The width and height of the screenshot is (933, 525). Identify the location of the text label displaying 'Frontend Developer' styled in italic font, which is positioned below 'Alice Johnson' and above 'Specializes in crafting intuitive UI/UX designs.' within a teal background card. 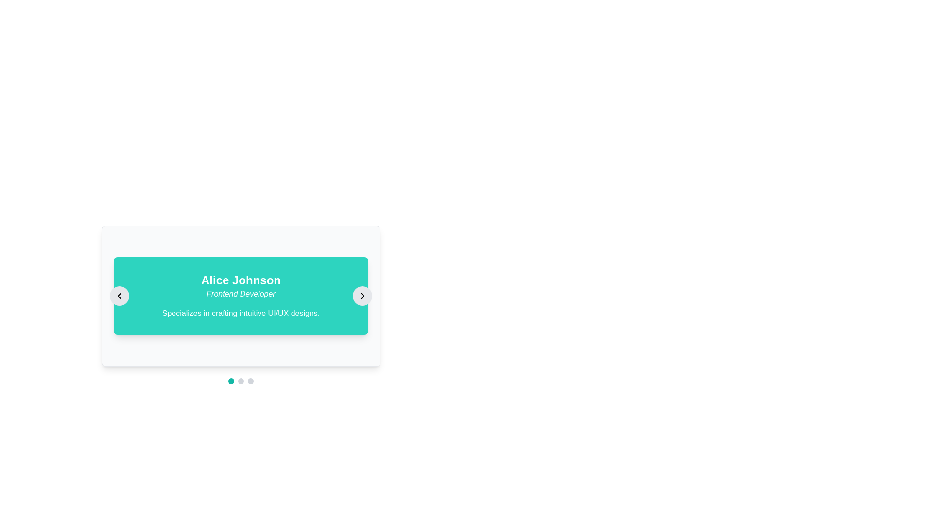
(241, 294).